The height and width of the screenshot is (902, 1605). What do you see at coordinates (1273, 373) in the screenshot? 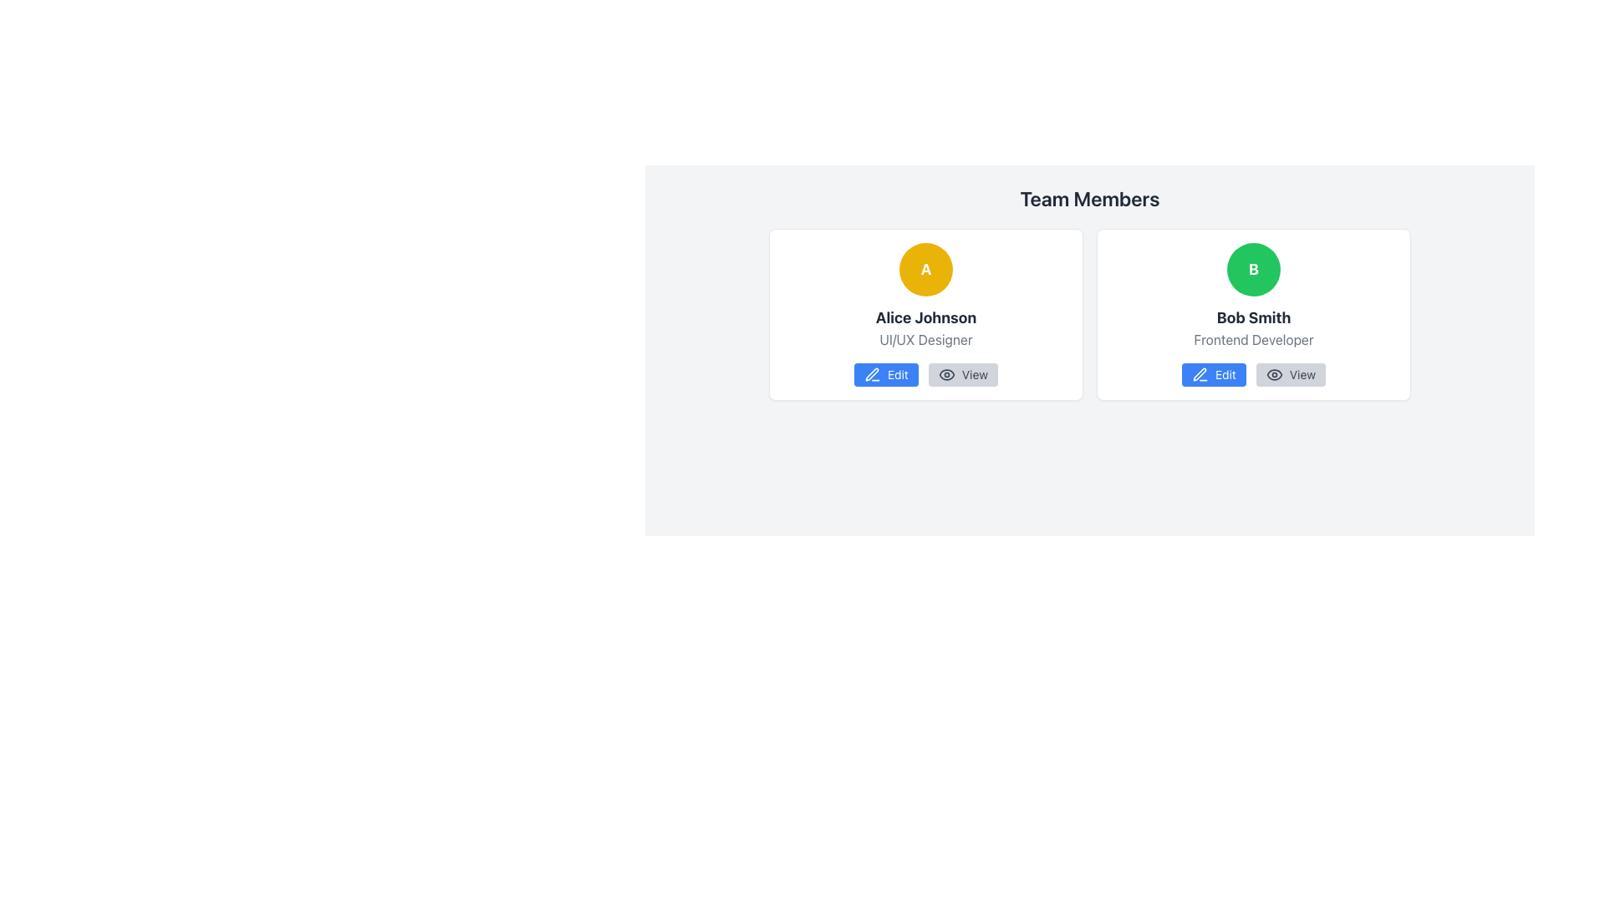
I see `the circular gray 'view' icon located within the secondary button of the user card for 'Bob Smith', positioned to the right of the 'Edit' button in the 'Team Members' section` at bounding box center [1273, 373].